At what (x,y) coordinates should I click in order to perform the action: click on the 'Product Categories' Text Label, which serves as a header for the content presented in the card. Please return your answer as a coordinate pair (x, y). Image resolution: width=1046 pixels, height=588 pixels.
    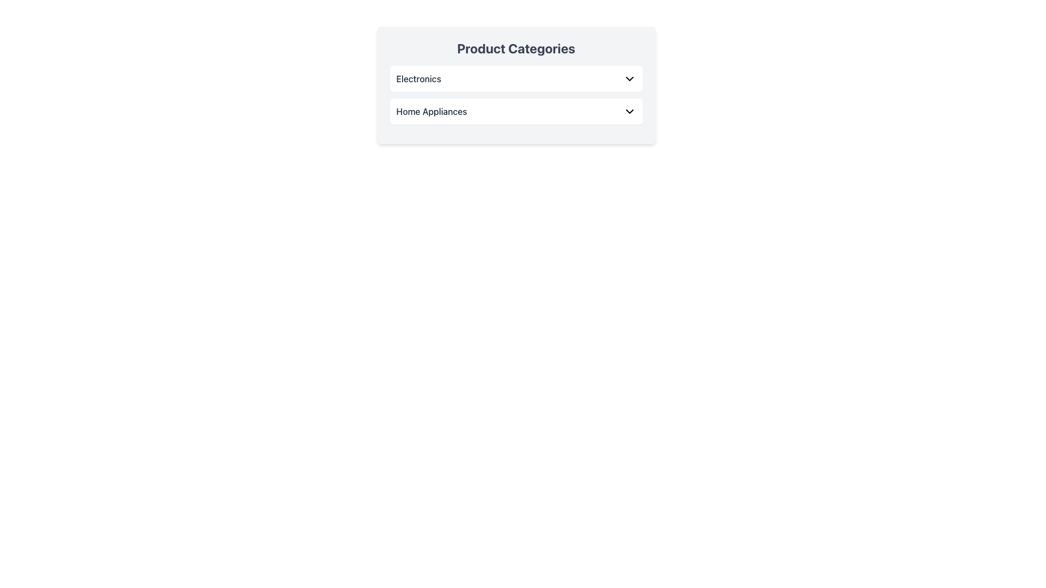
    Looking at the image, I should click on (515, 47).